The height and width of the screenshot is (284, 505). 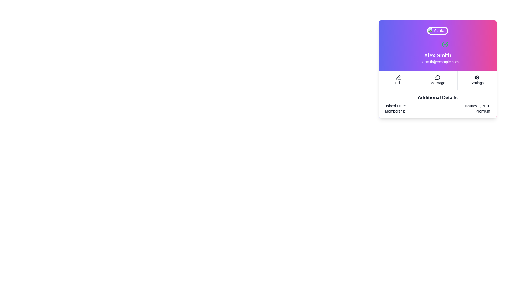 What do you see at coordinates (483, 111) in the screenshot?
I see `the static text label indicating the user's membership type, located to the right of 'Membership:' on the horizontal line of membership details` at bounding box center [483, 111].